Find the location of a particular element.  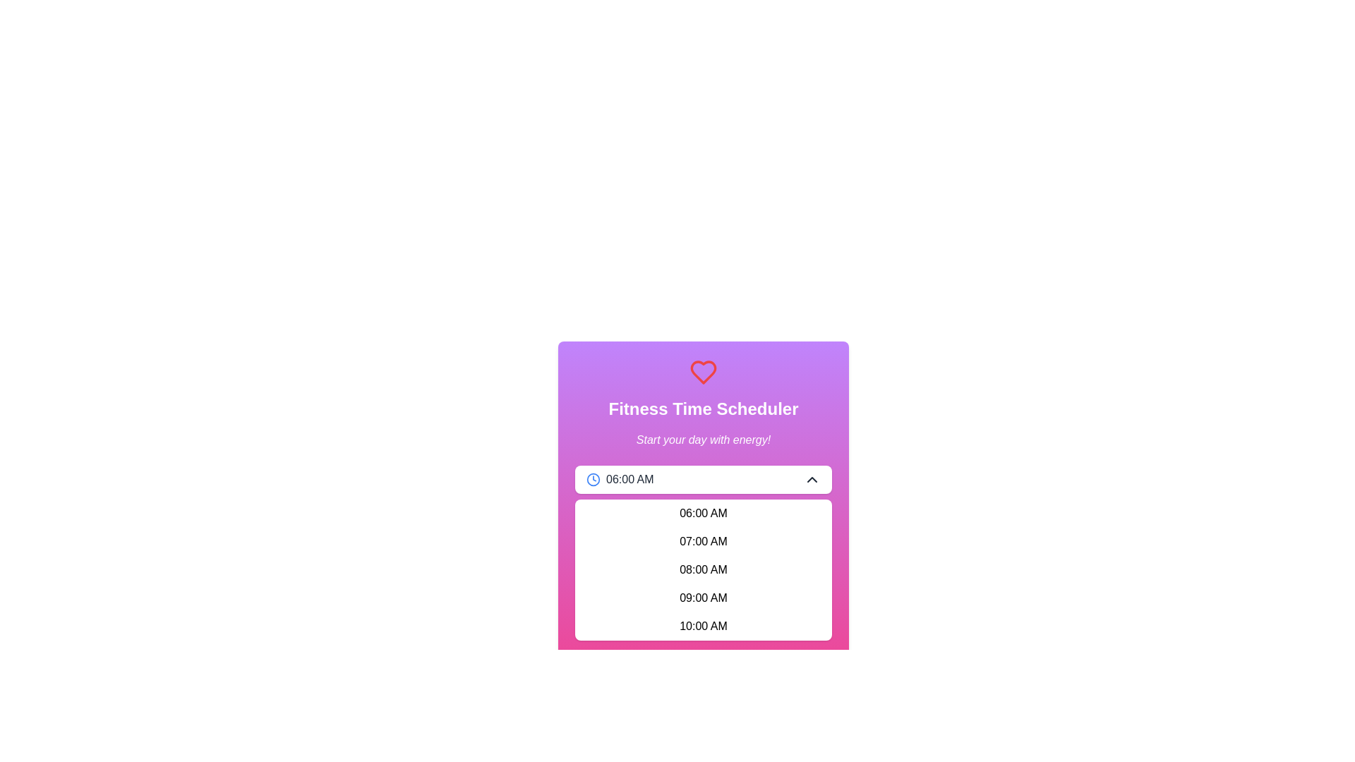

the selectable option '09:00 AM' in the dropdown menu, which is the fourth item in the list, positioned between '08:00 AM' and '10:00 AM' is located at coordinates (704, 598).